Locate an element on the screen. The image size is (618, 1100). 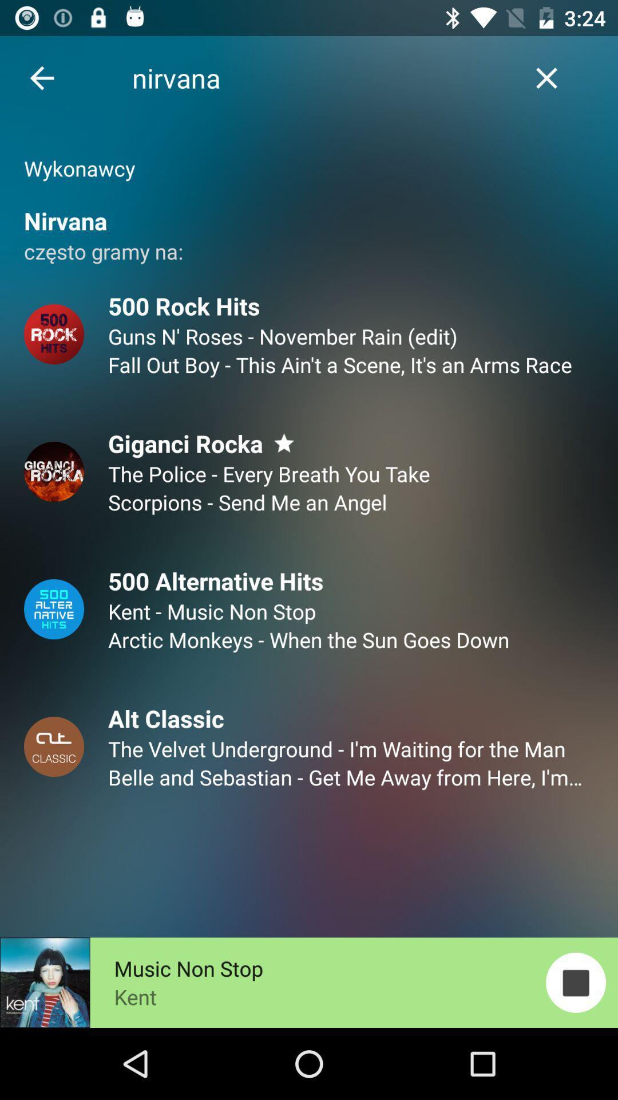
the icon to the right of music non stop icon is located at coordinates (576, 982).